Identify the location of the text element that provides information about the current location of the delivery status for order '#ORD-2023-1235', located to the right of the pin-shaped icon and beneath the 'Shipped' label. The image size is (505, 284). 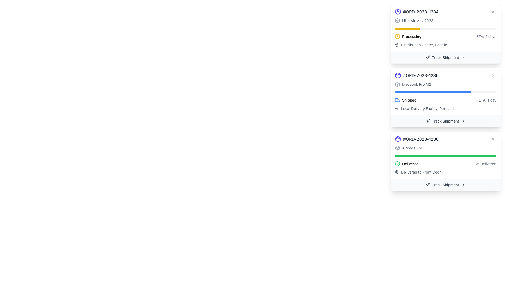
(427, 108).